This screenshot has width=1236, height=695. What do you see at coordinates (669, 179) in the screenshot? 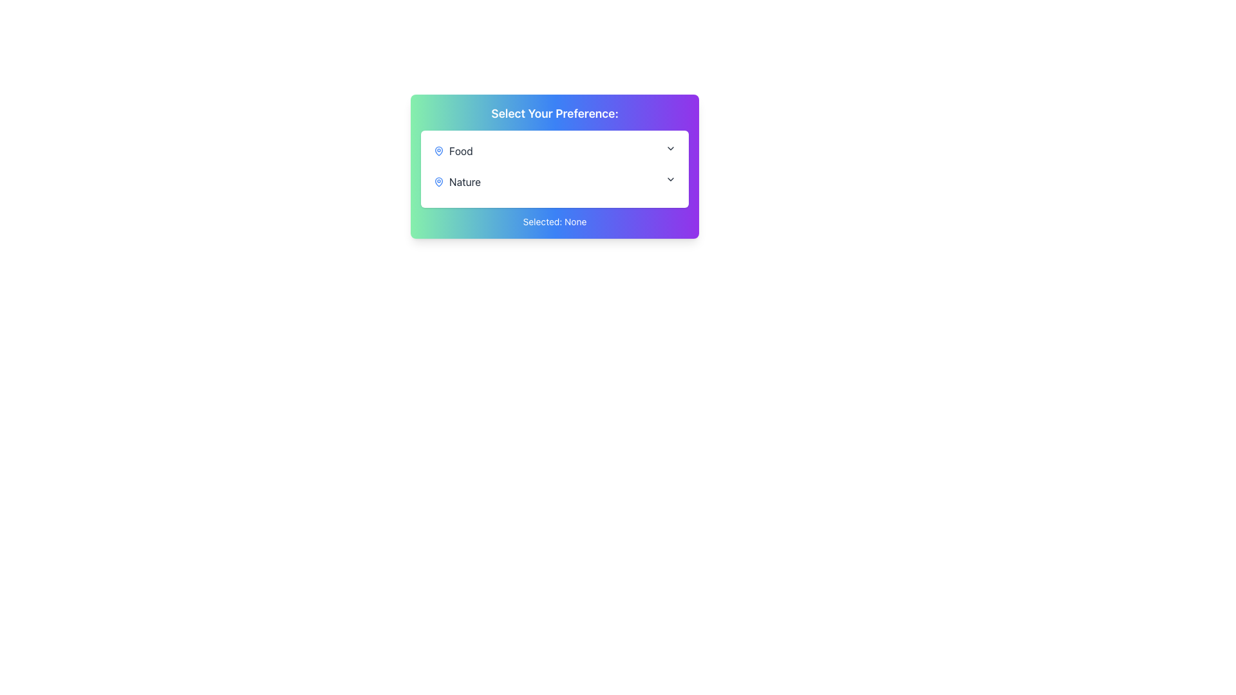
I see `the SVG chevron icon located at the right side of the row containing the text 'Nature'` at bounding box center [669, 179].